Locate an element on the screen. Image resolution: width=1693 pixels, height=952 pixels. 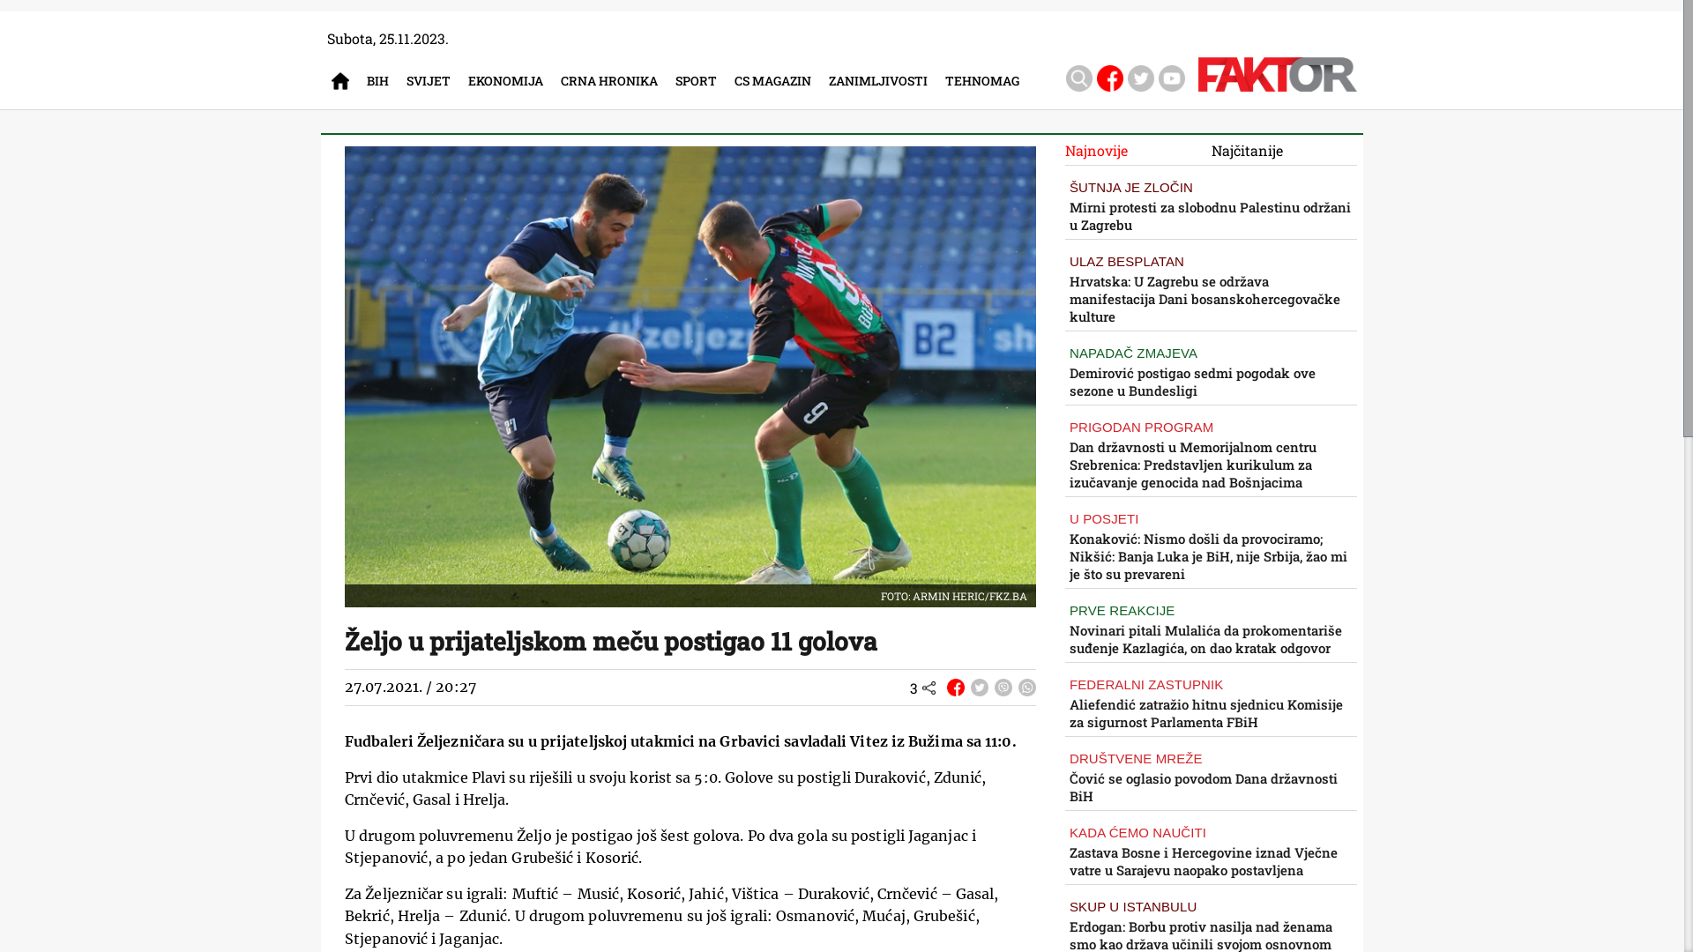
'EKONOMIJA' is located at coordinates (509, 80).